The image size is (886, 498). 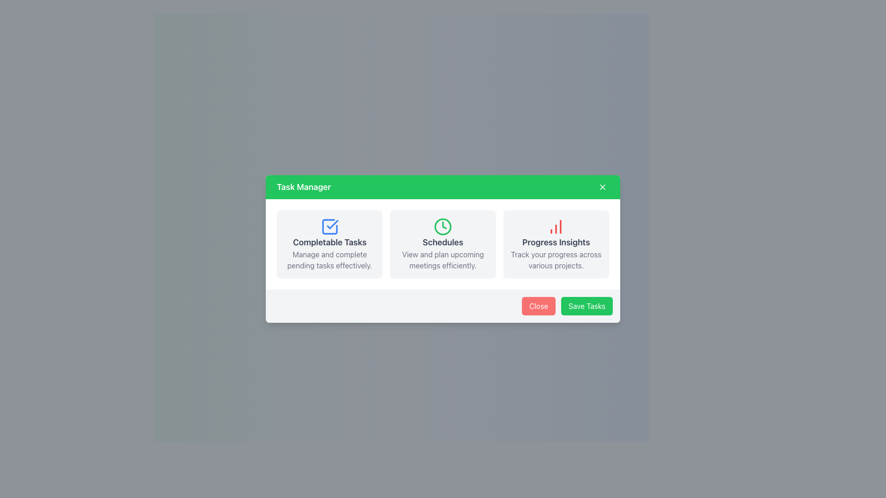 I want to click on an individual card within the task management overview section located in the modal dialog box below the 'Task Manager' header, so click(x=443, y=243).